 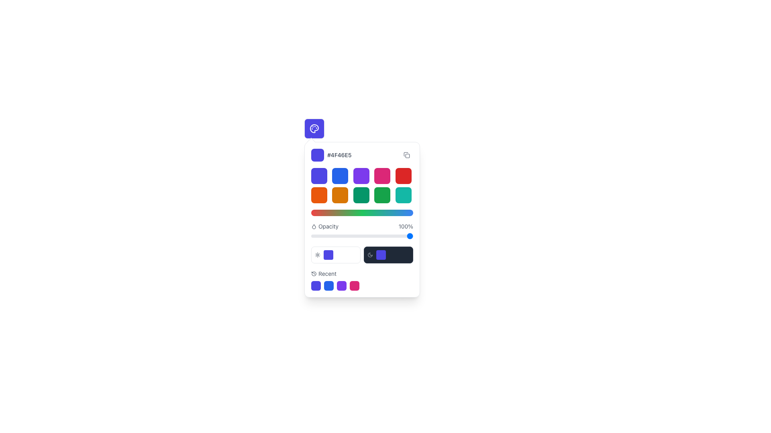 I want to click on the upper-leftmost button in the color palette selection tool grid, so click(x=319, y=176).